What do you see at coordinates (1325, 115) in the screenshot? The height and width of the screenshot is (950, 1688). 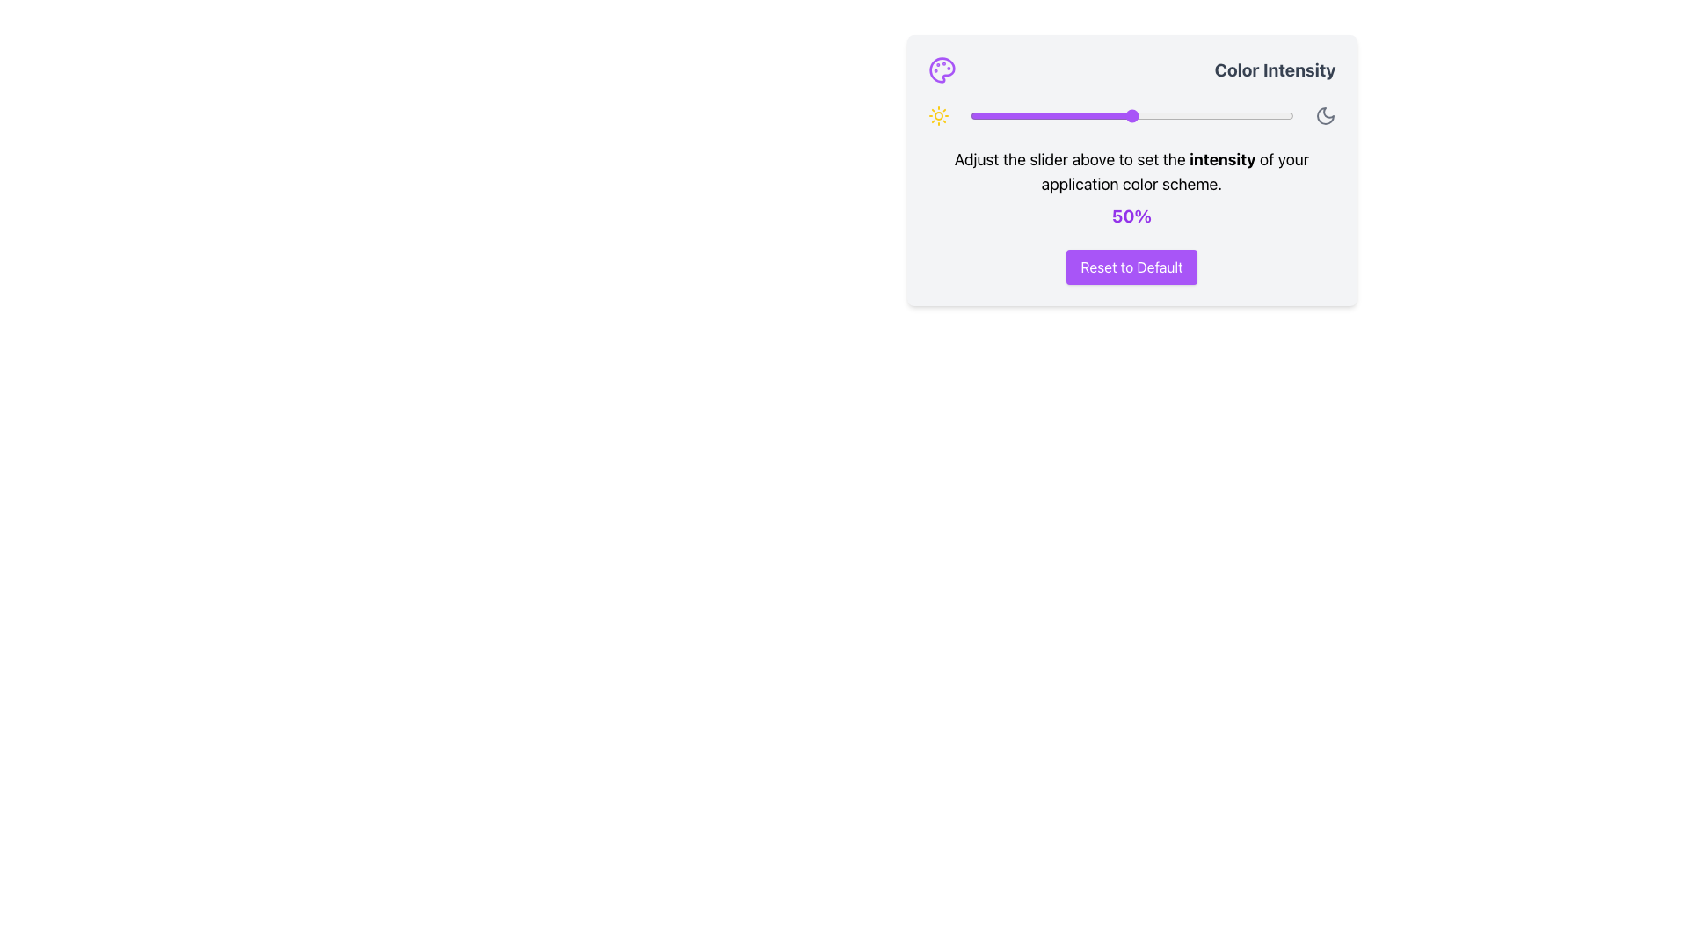 I see `the moon icon that indicates the theme or mode setting related to nighttime or dark mode functionality, located near the top-left corner of the settings interface` at bounding box center [1325, 115].